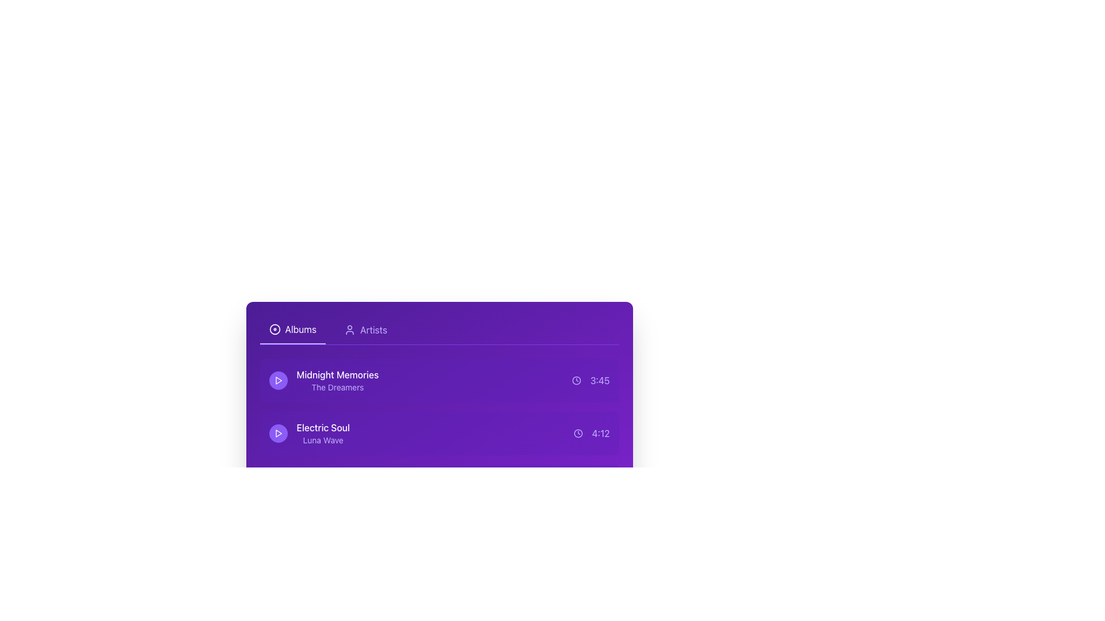  What do you see at coordinates (337, 381) in the screenshot?
I see `the text content element that displays 'Midnight Memories' in a bold white font and 'The Dreamers' in a light violet font, positioned towards the center-left of a horizontal list item` at bounding box center [337, 381].